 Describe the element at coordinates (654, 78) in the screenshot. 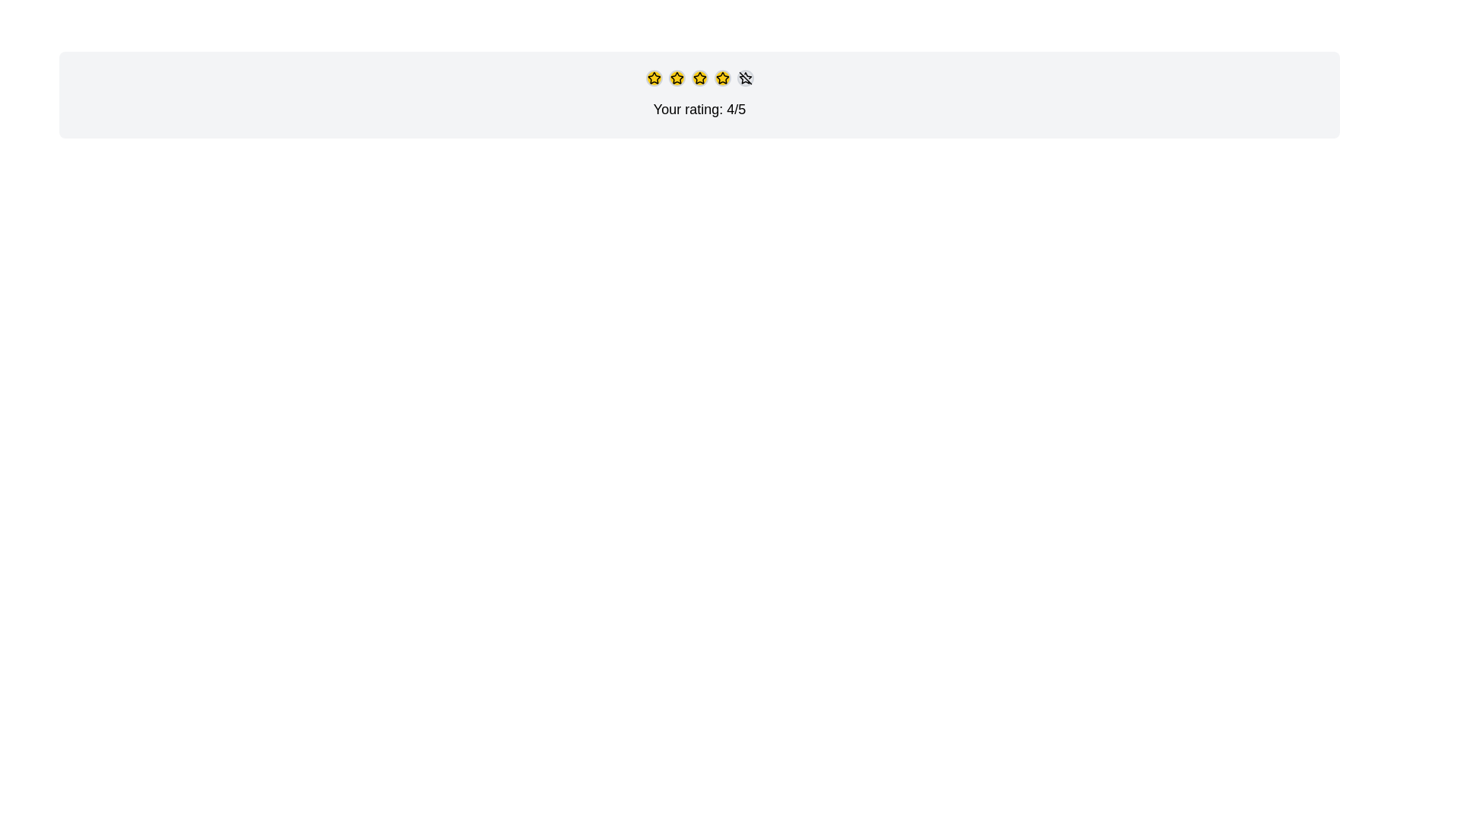

I see `the second star icon in the star rating component, which is visually filled with yellow and framed within a circular outline, positioned in a horizontal row of five stars above the text 'Your rating: 4/5'` at that location.